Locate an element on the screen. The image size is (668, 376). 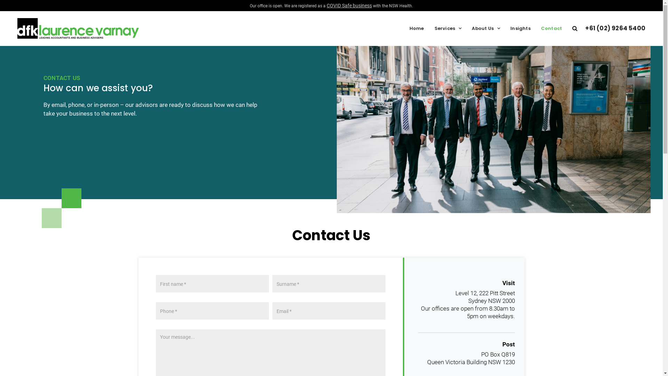
'Search' is located at coordinates (572, 28).